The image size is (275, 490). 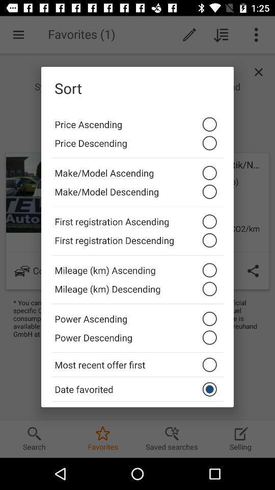 What do you see at coordinates (137, 388) in the screenshot?
I see `date favorited item` at bounding box center [137, 388].